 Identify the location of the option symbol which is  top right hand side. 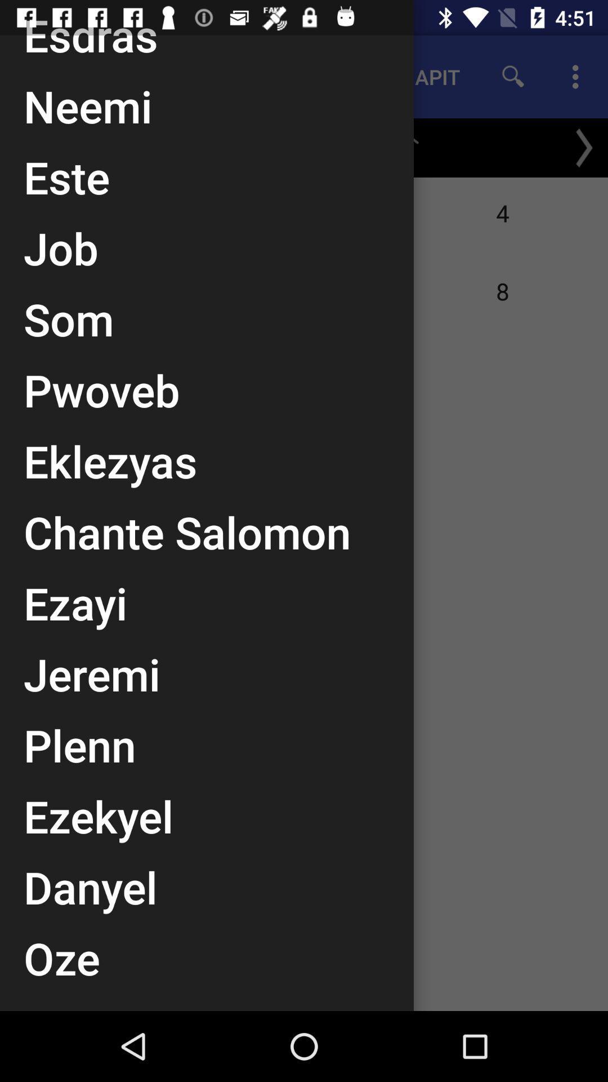
(578, 77).